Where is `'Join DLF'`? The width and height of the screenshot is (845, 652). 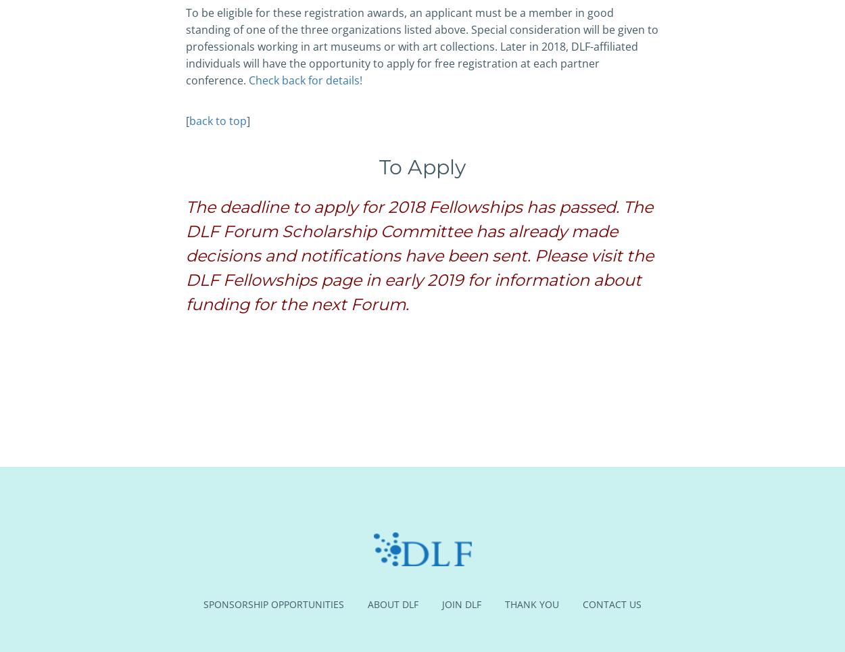
'Join DLF' is located at coordinates (442, 603).